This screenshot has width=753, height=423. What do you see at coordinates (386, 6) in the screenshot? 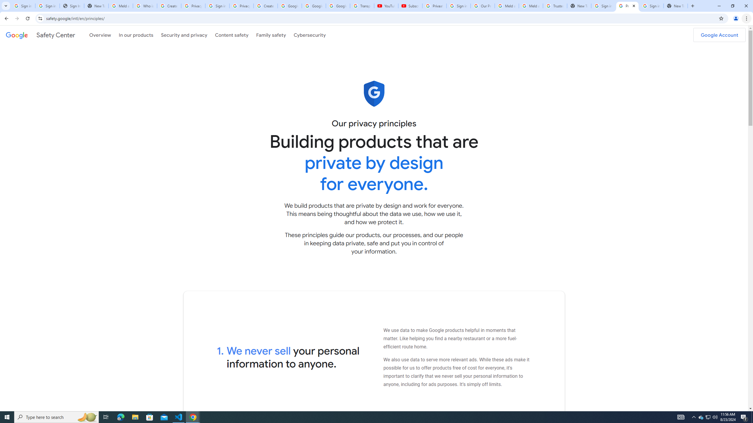
I see `'YouTube'` at bounding box center [386, 6].